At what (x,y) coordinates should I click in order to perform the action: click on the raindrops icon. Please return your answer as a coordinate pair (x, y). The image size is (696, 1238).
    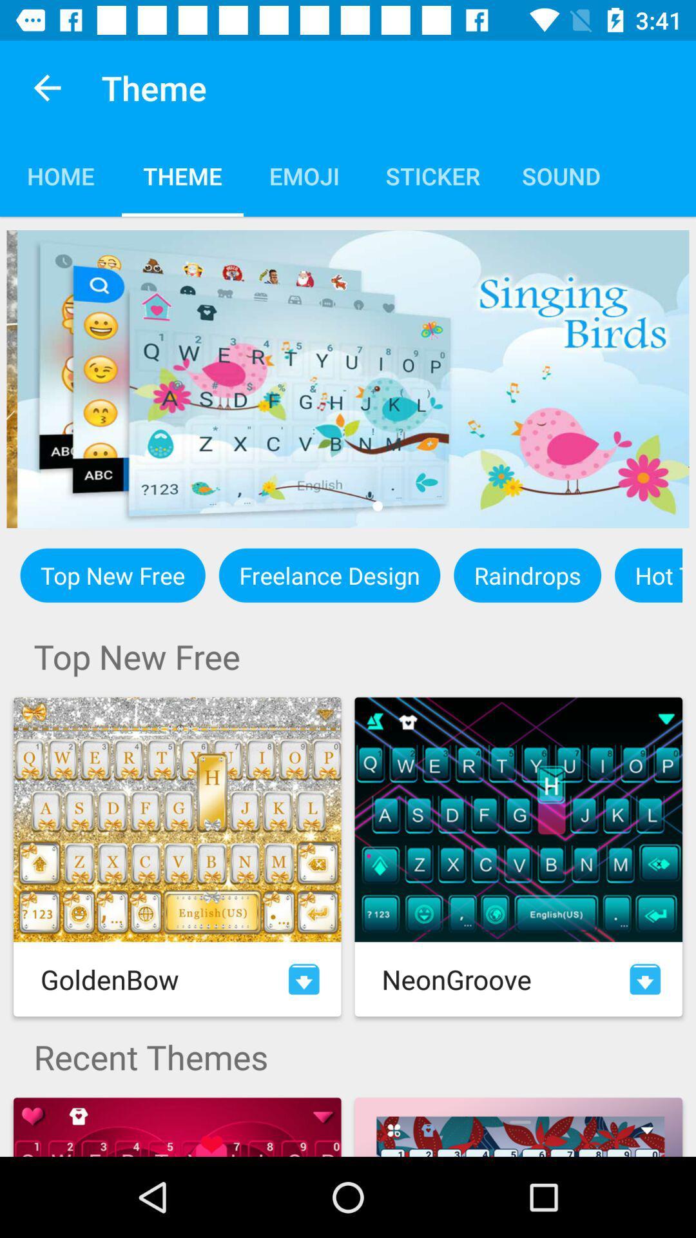
    Looking at the image, I should click on (527, 575).